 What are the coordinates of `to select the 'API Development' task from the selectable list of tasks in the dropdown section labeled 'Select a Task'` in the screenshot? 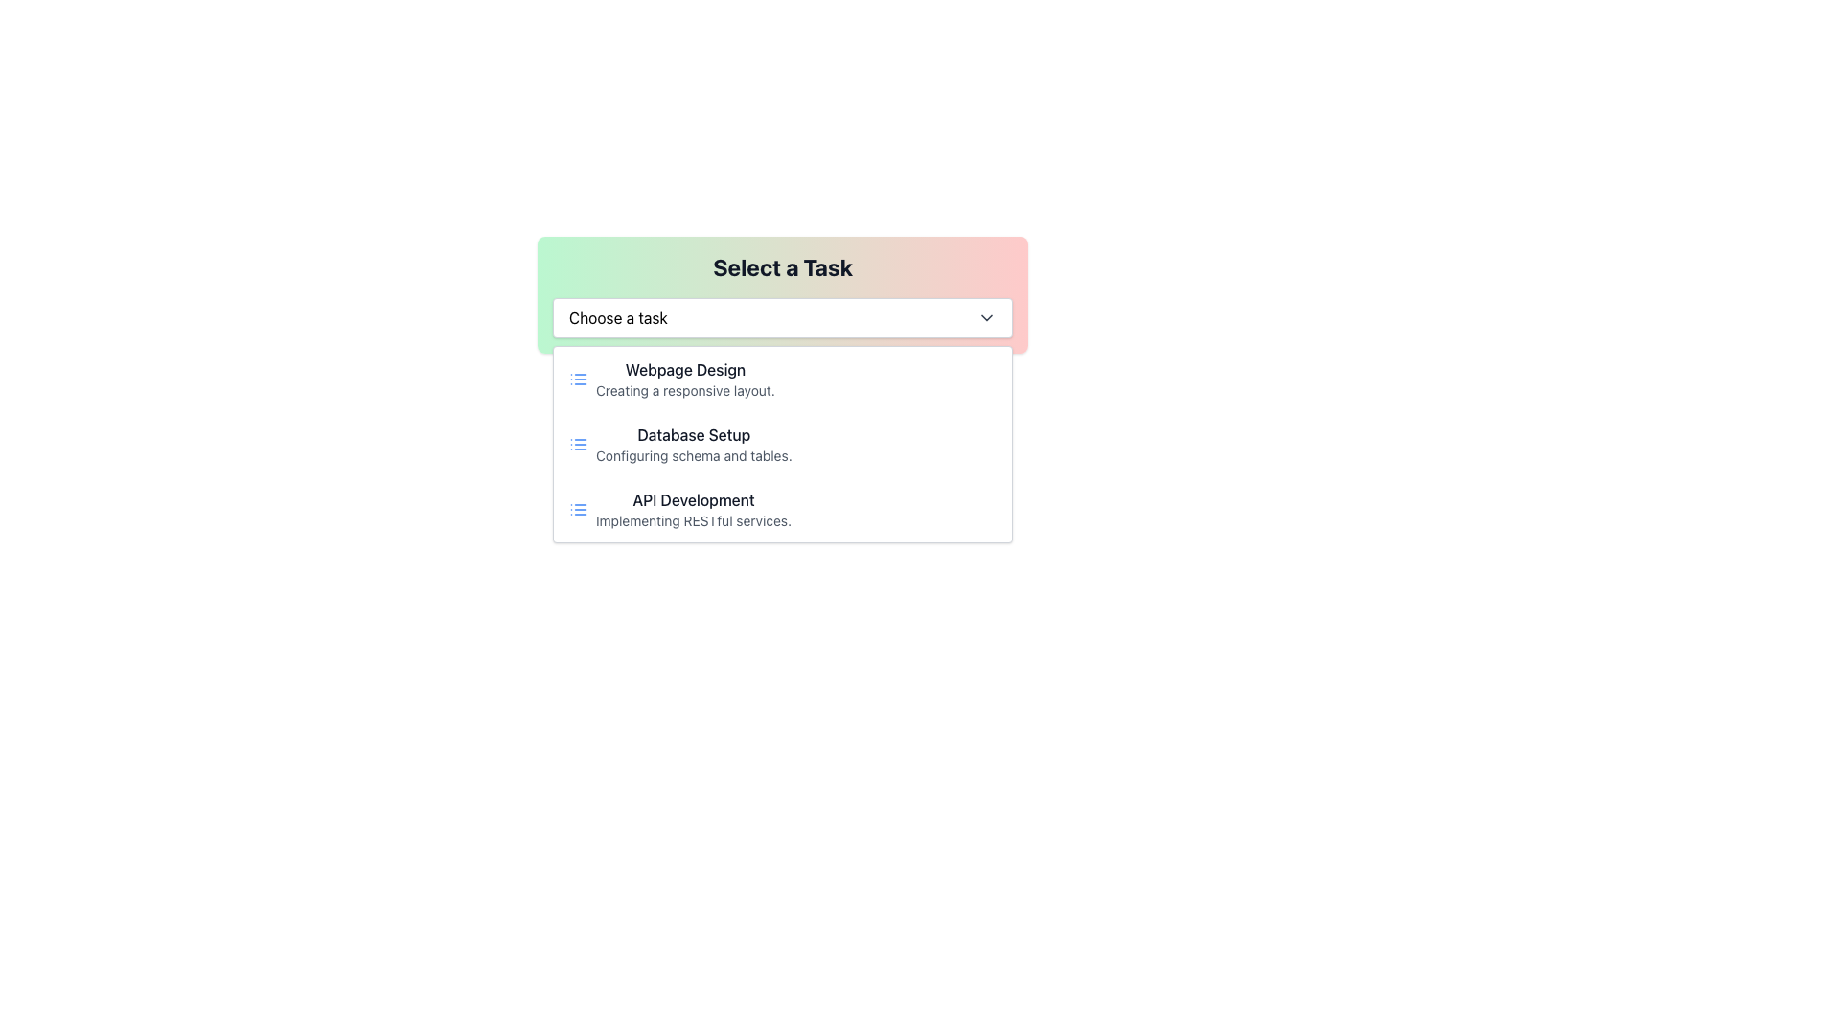 It's located at (693, 509).